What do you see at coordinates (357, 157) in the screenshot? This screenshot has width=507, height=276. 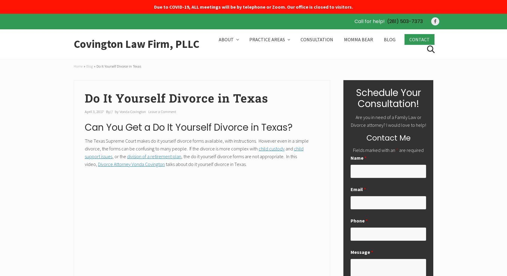 I see `'Name'` at bounding box center [357, 157].